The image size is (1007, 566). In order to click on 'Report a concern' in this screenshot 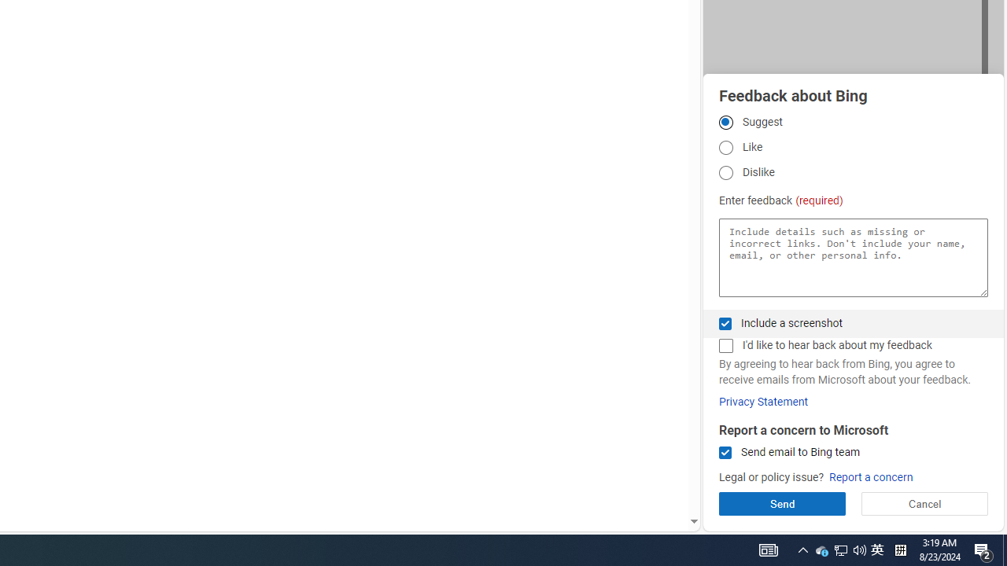, I will do `click(870, 476)`.